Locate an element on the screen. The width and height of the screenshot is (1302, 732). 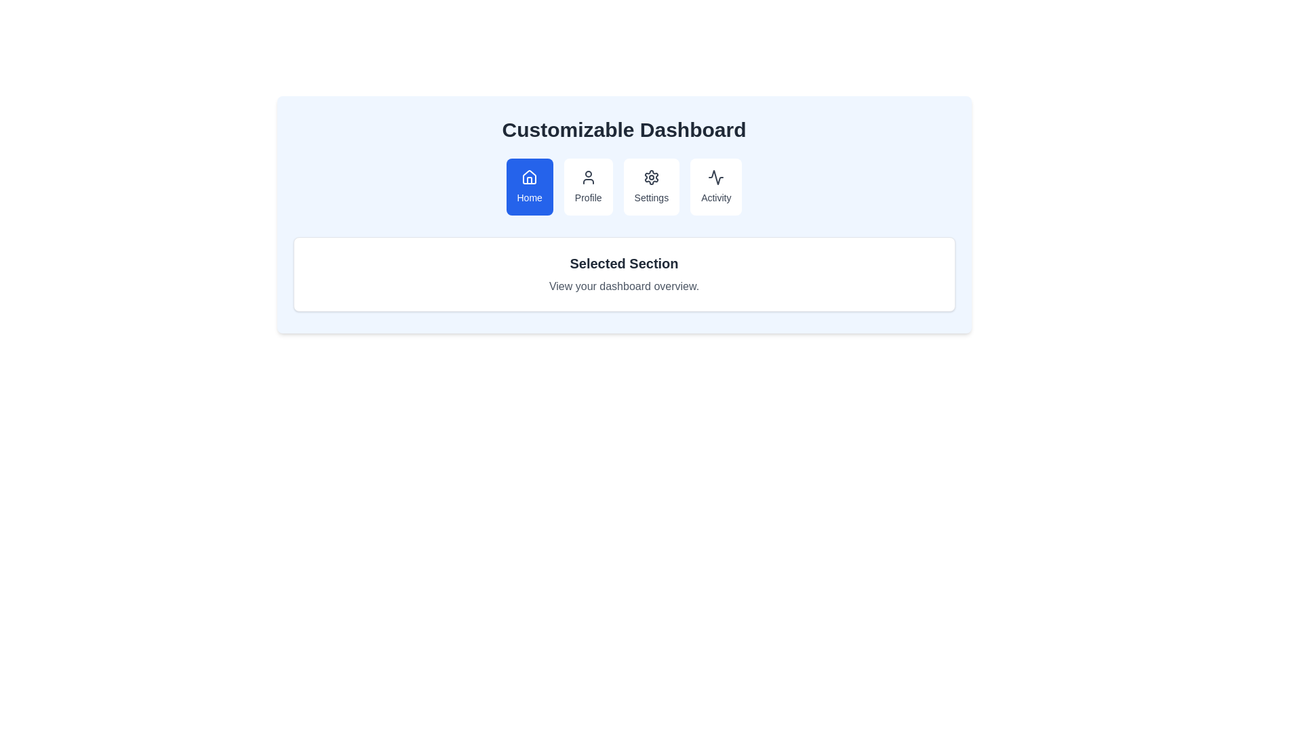
the Text Header element that serves as the title for the dashboard interface, positioned at the top-center above the navigation buttons is located at coordinates (623, 130).